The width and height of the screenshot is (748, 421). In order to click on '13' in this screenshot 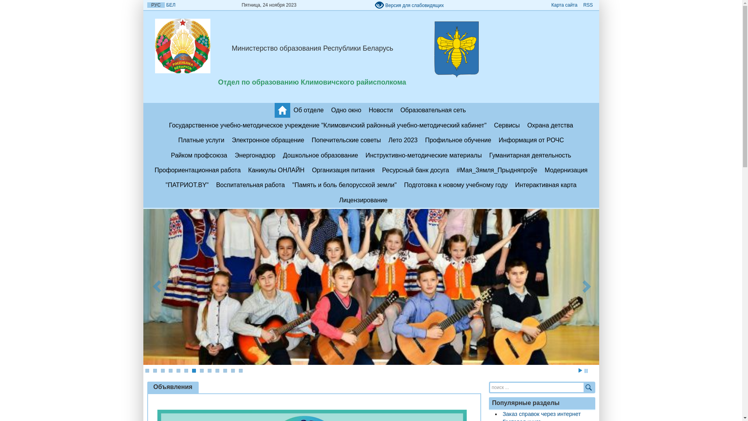, I will do `click(240, 370)`.